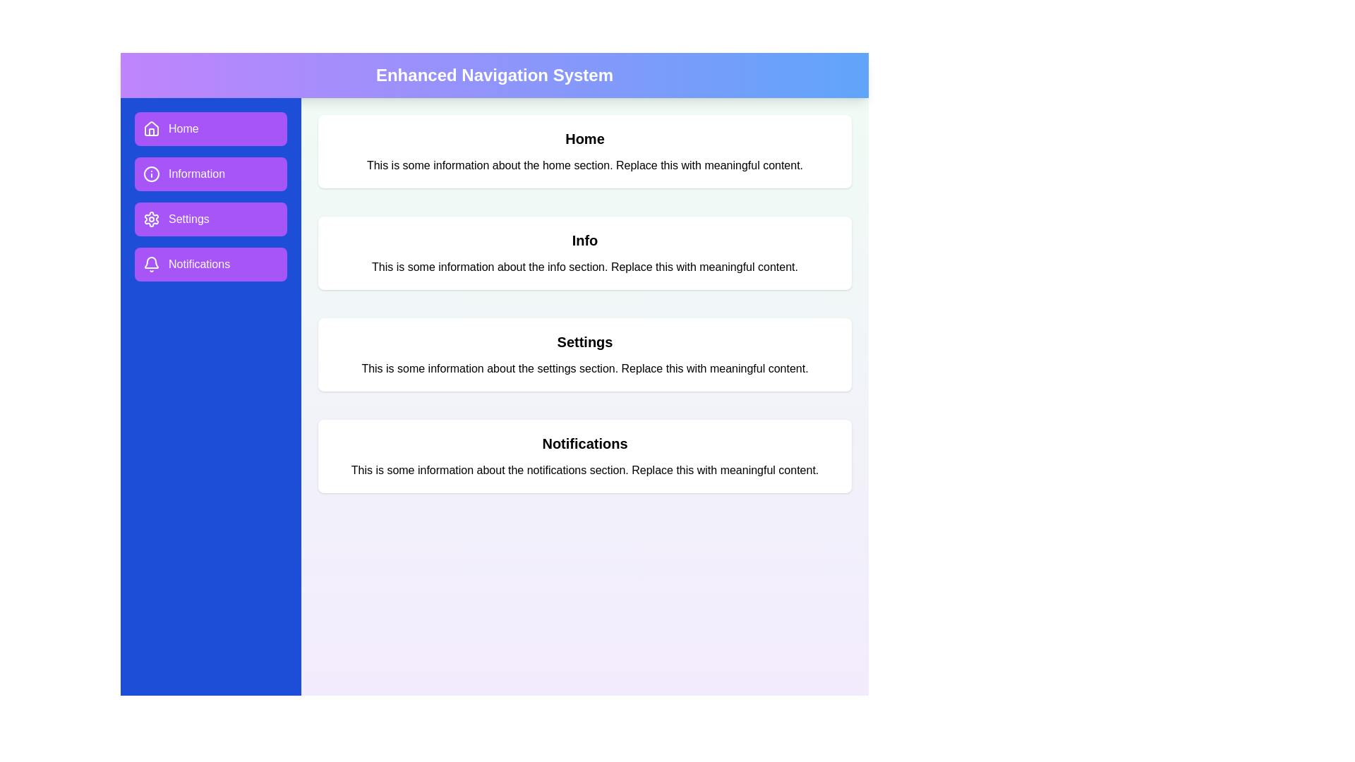 The height and width of the screenshot is (762, 1355). I want to click on the 'Settings' button located in the left-side vertical navigation bar, which is the third item below 'Home' and 'Information', so click(210, 219).